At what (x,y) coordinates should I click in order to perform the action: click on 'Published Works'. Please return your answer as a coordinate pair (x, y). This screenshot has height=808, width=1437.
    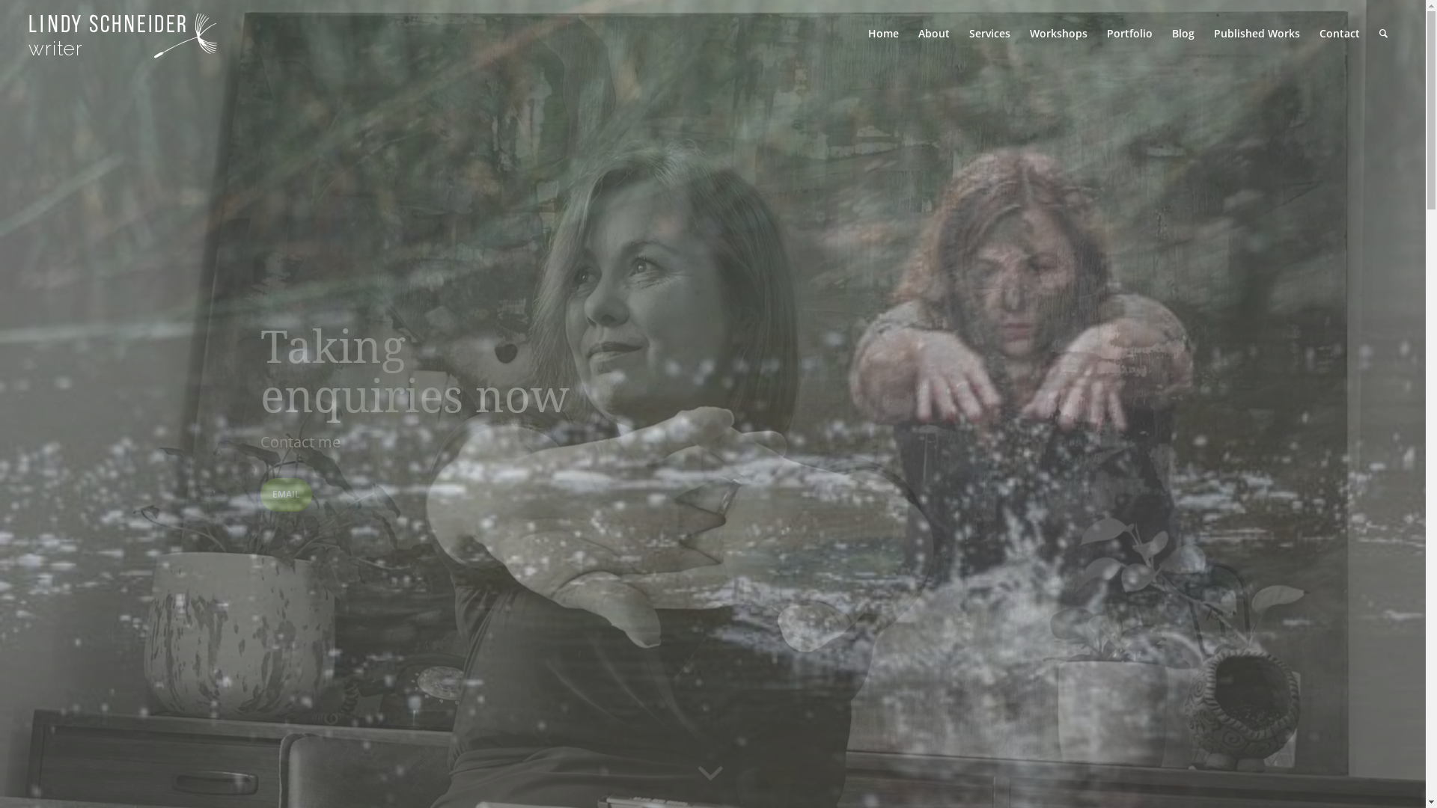
    Looking at the image, I should click on (1257, 34).